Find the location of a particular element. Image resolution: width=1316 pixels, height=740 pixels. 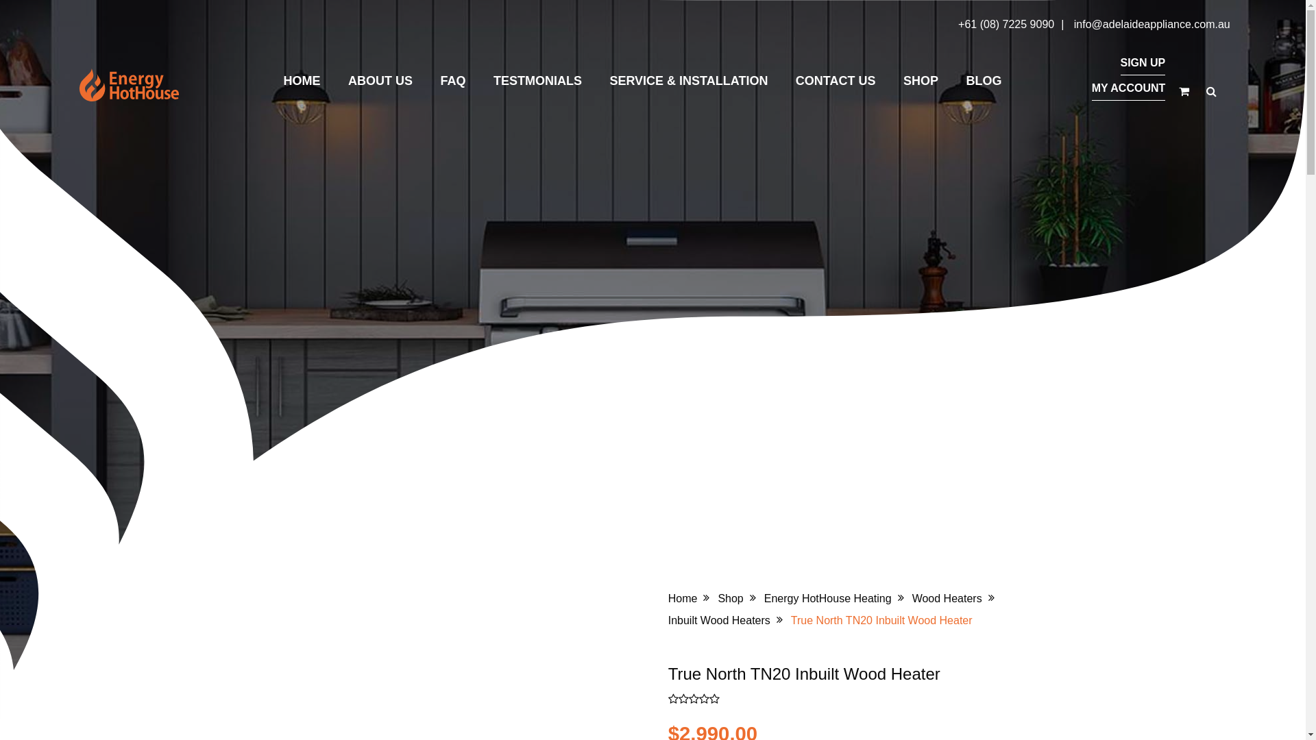

'info@adelaideappliance.com.au' is located at coordinates (1151, 24).